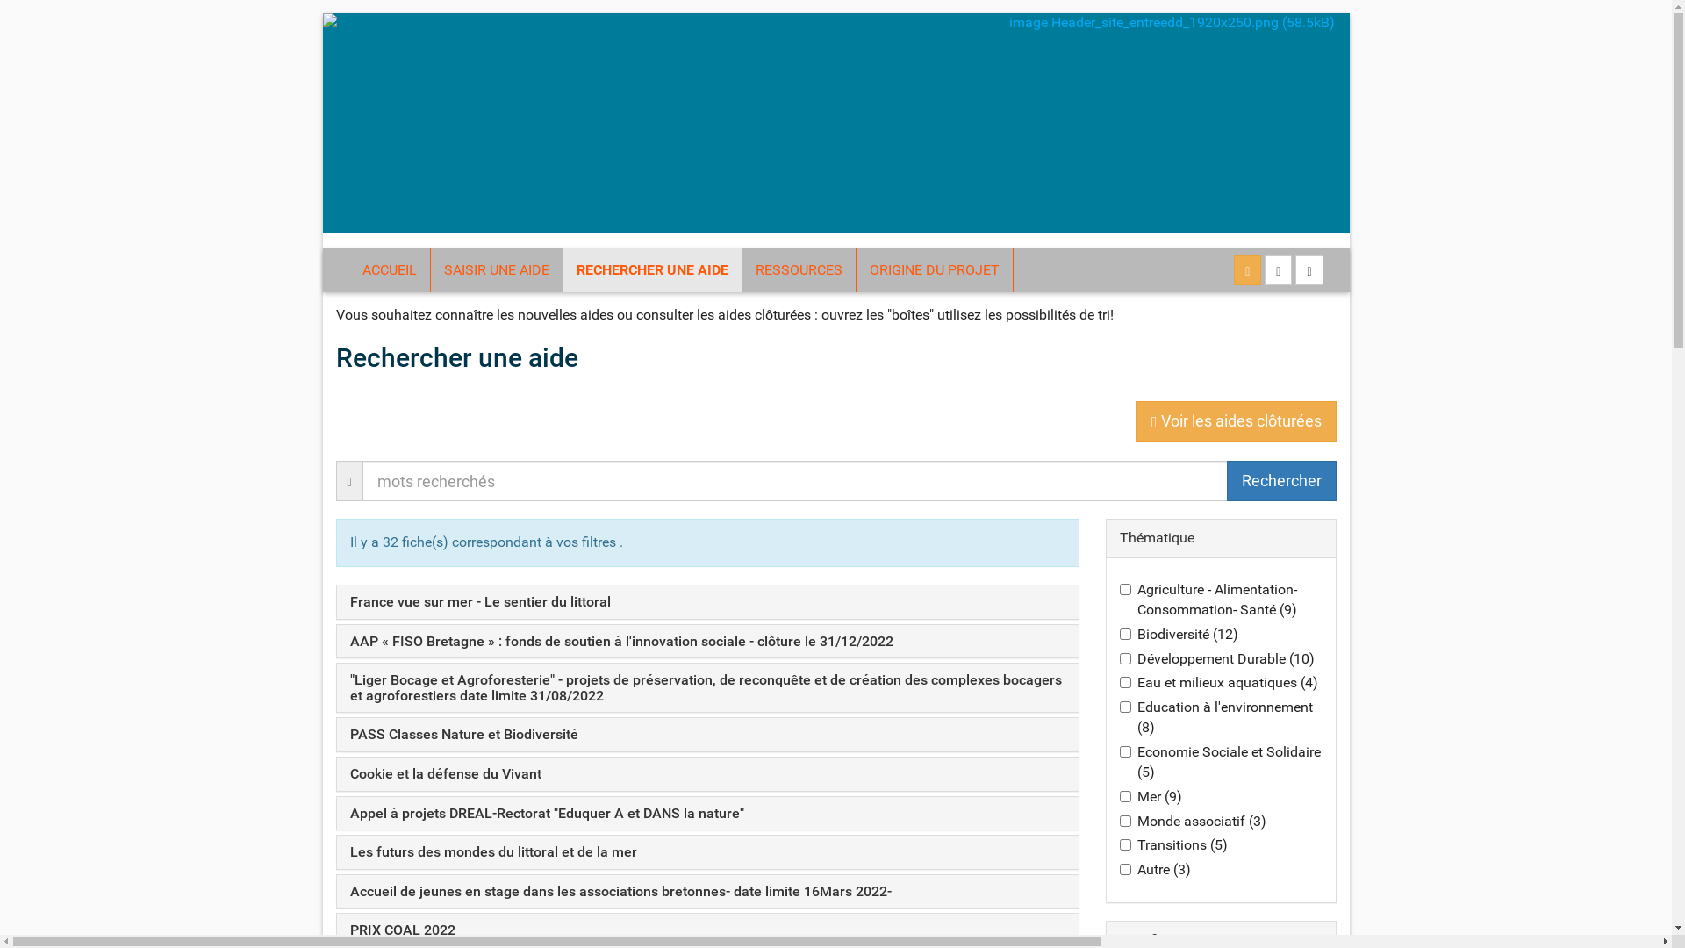  I want to click on 'RECHERCHER UNE AIDE', so click(651, 270).